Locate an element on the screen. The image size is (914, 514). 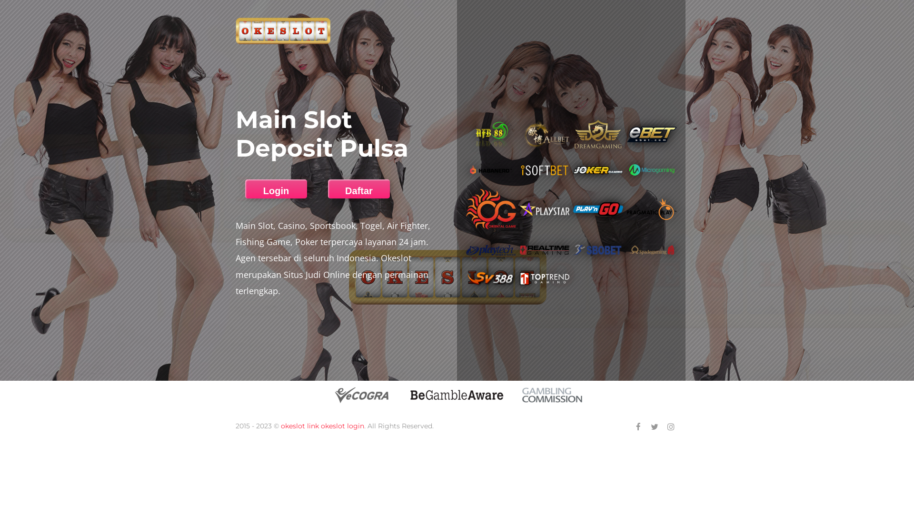
'okeslot link' is located at coordinates (299, 425).